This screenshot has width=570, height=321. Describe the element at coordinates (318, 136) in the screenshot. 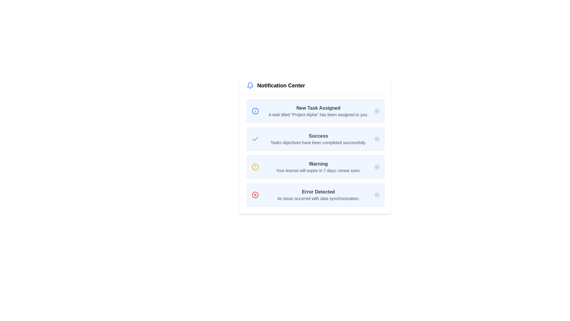

I see `the bold text label 'Success' within the notification box, which is styled with dark gray color and larger font size, indicating emphasis` at that location.